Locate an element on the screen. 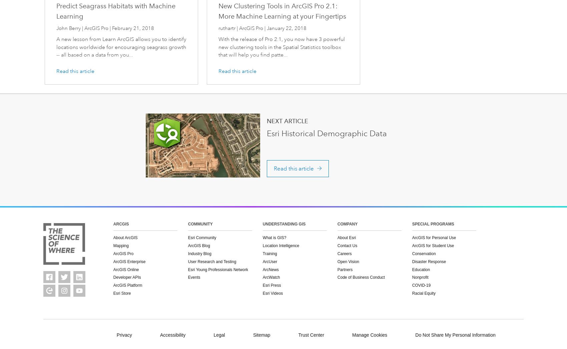 The height and width of the screenshot is (349, 567). 'Esri Community' is located at coordinates (201, 237).